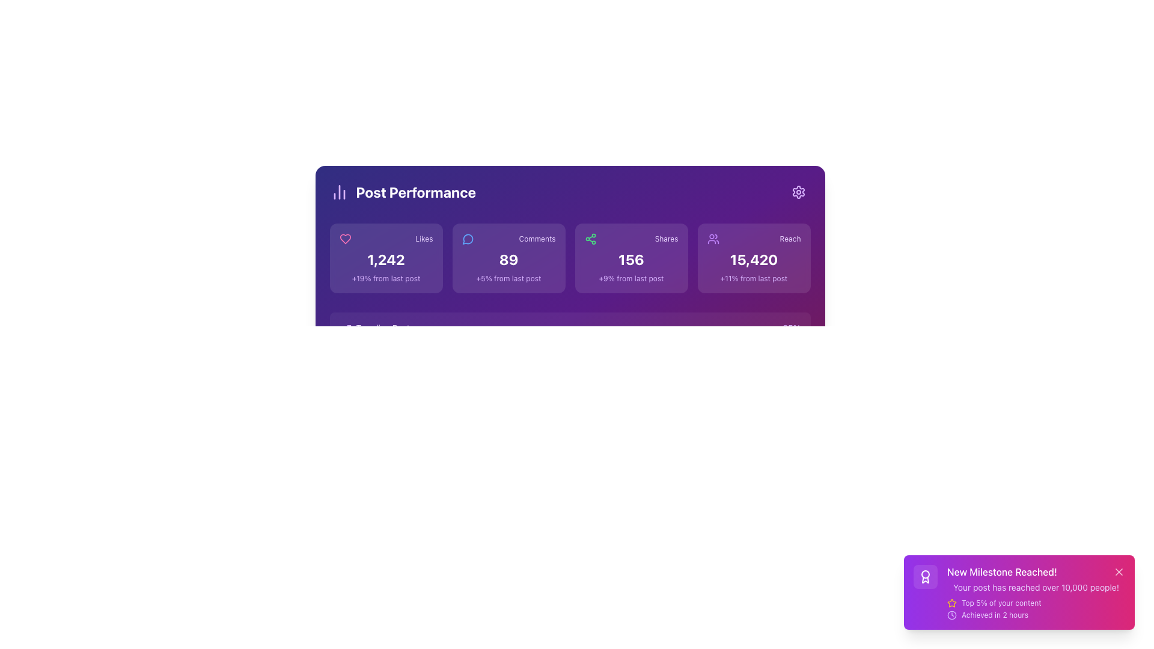 This screenshot has height=649, width=1154. I want to click on the numeric indicator displaying the 'Likes' count, which is part of an analytics summary interface, positioned below a heart icon and above a smaller text '+19% from last post.', so click(386, 259).